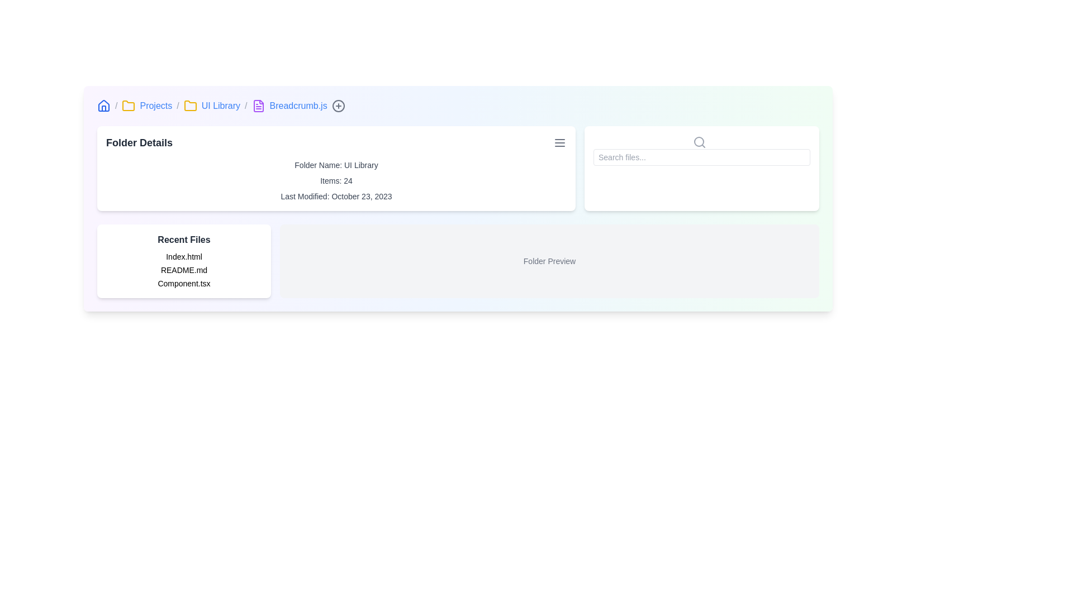 The height and width of the screenshot is (603, 1073). I want to click on the text label displaying 'Component.tsx' located at the bottom of the 'Recent Files' list, so click(184, 283).